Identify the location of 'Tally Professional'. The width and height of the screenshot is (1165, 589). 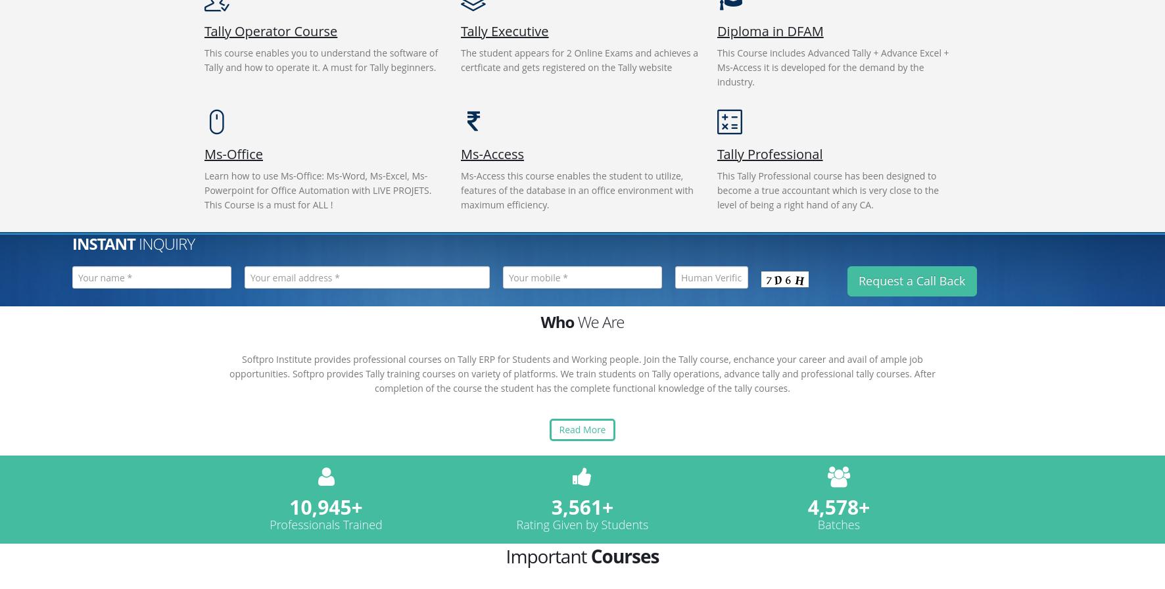
(717, 154).